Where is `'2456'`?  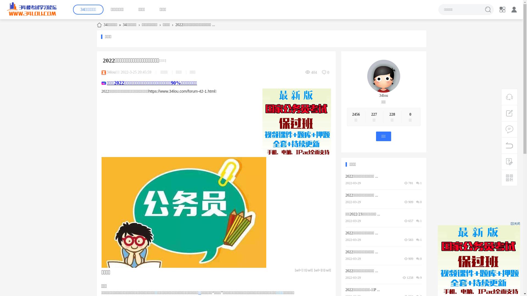 '2456' is located at coordinates (356, 114).